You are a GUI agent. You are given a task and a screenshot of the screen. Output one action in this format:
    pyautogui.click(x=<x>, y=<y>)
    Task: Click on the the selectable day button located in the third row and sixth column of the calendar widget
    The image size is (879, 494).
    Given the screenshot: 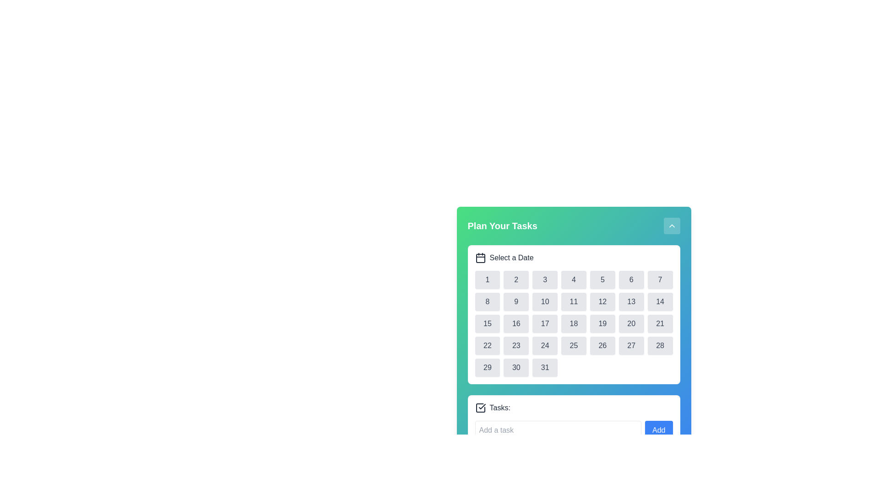 What is the action you would take?
    pyautogui.click(x=631, y=323)
    